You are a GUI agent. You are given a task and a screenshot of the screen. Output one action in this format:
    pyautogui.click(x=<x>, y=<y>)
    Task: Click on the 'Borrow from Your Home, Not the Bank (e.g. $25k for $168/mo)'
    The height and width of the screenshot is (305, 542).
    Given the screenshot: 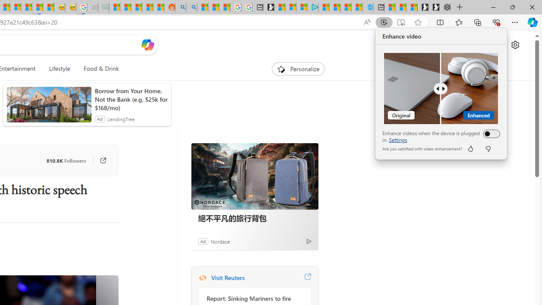 What is the action you would take?
    pyautogui.click(x=130, y=99)
    